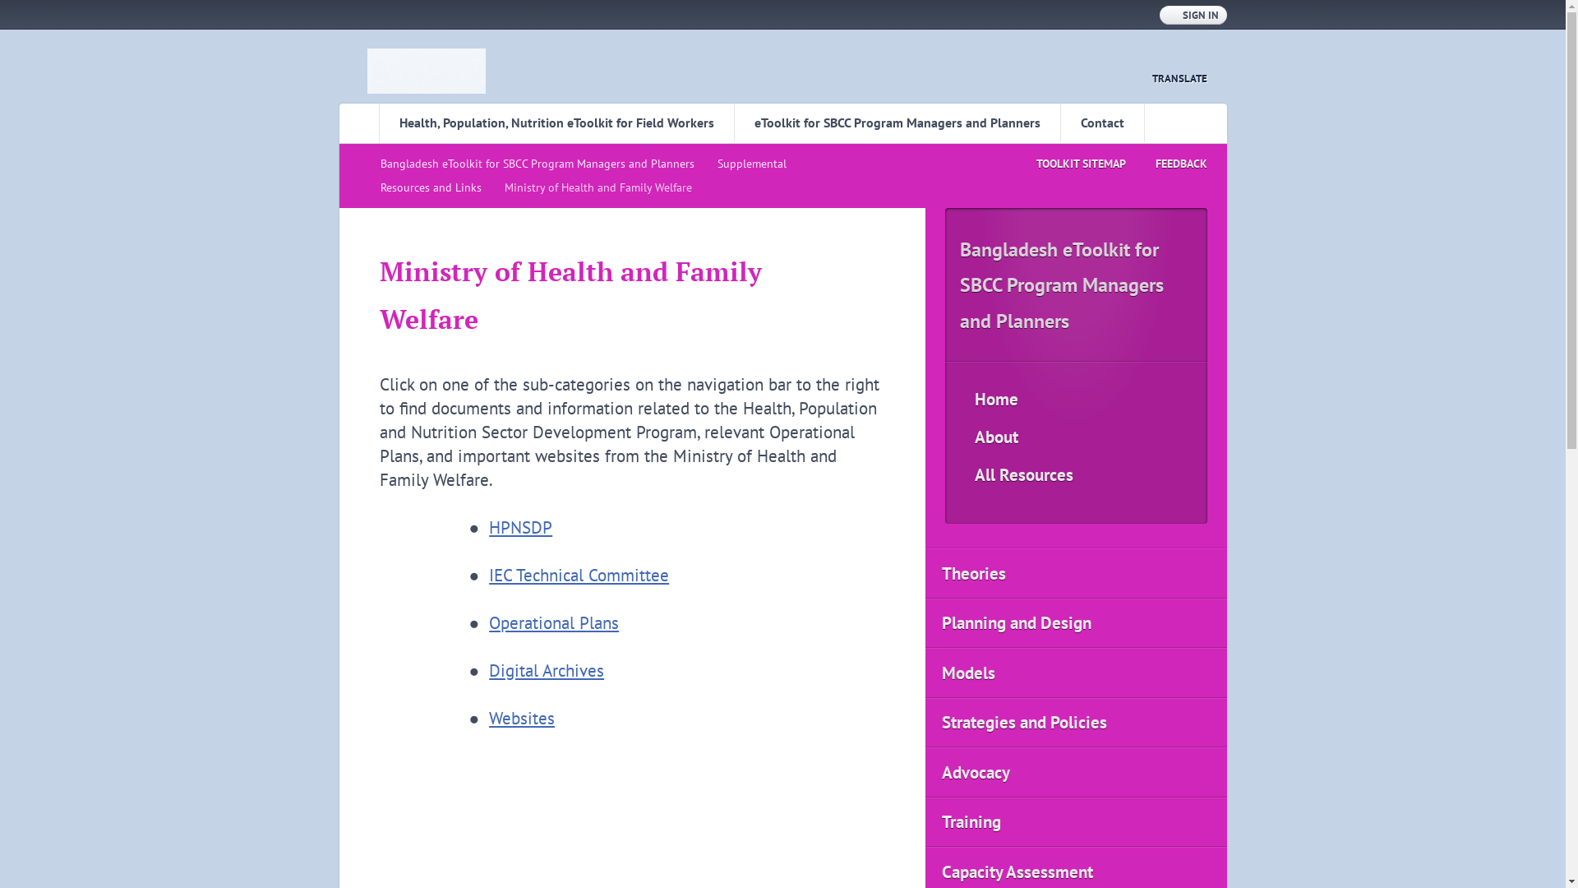 The image size is (1578, 888). I want to click on 'About', so click(1076, 437).